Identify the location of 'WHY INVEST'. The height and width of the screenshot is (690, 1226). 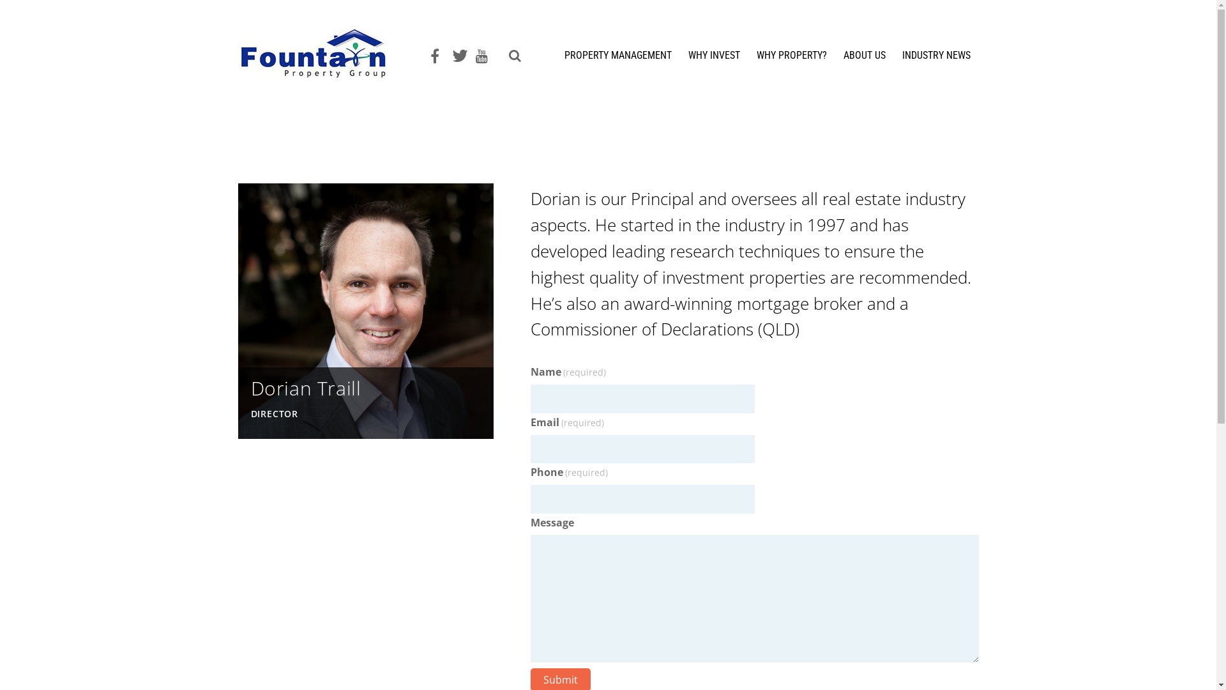
(713, 60).